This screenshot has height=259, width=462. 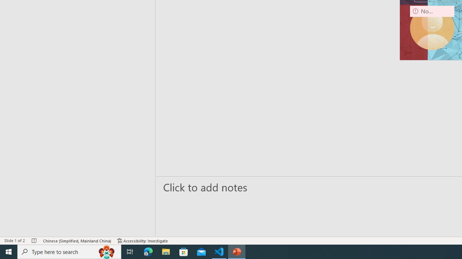 What do you see at coordinates (432, 27) in the screenshot?
I see `'Camera 9, No camera detected.'` at bounding box center [432, 27].